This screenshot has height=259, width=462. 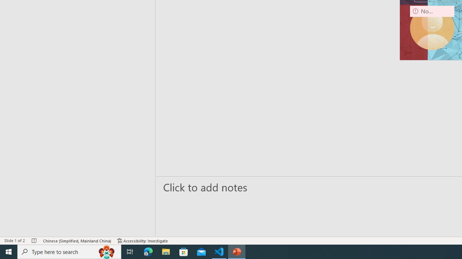 What do you see at coordinates (432, 27) in the screenshot?
I see `'Camera 9, No camera detected.'` at bounding box center [432, 27].